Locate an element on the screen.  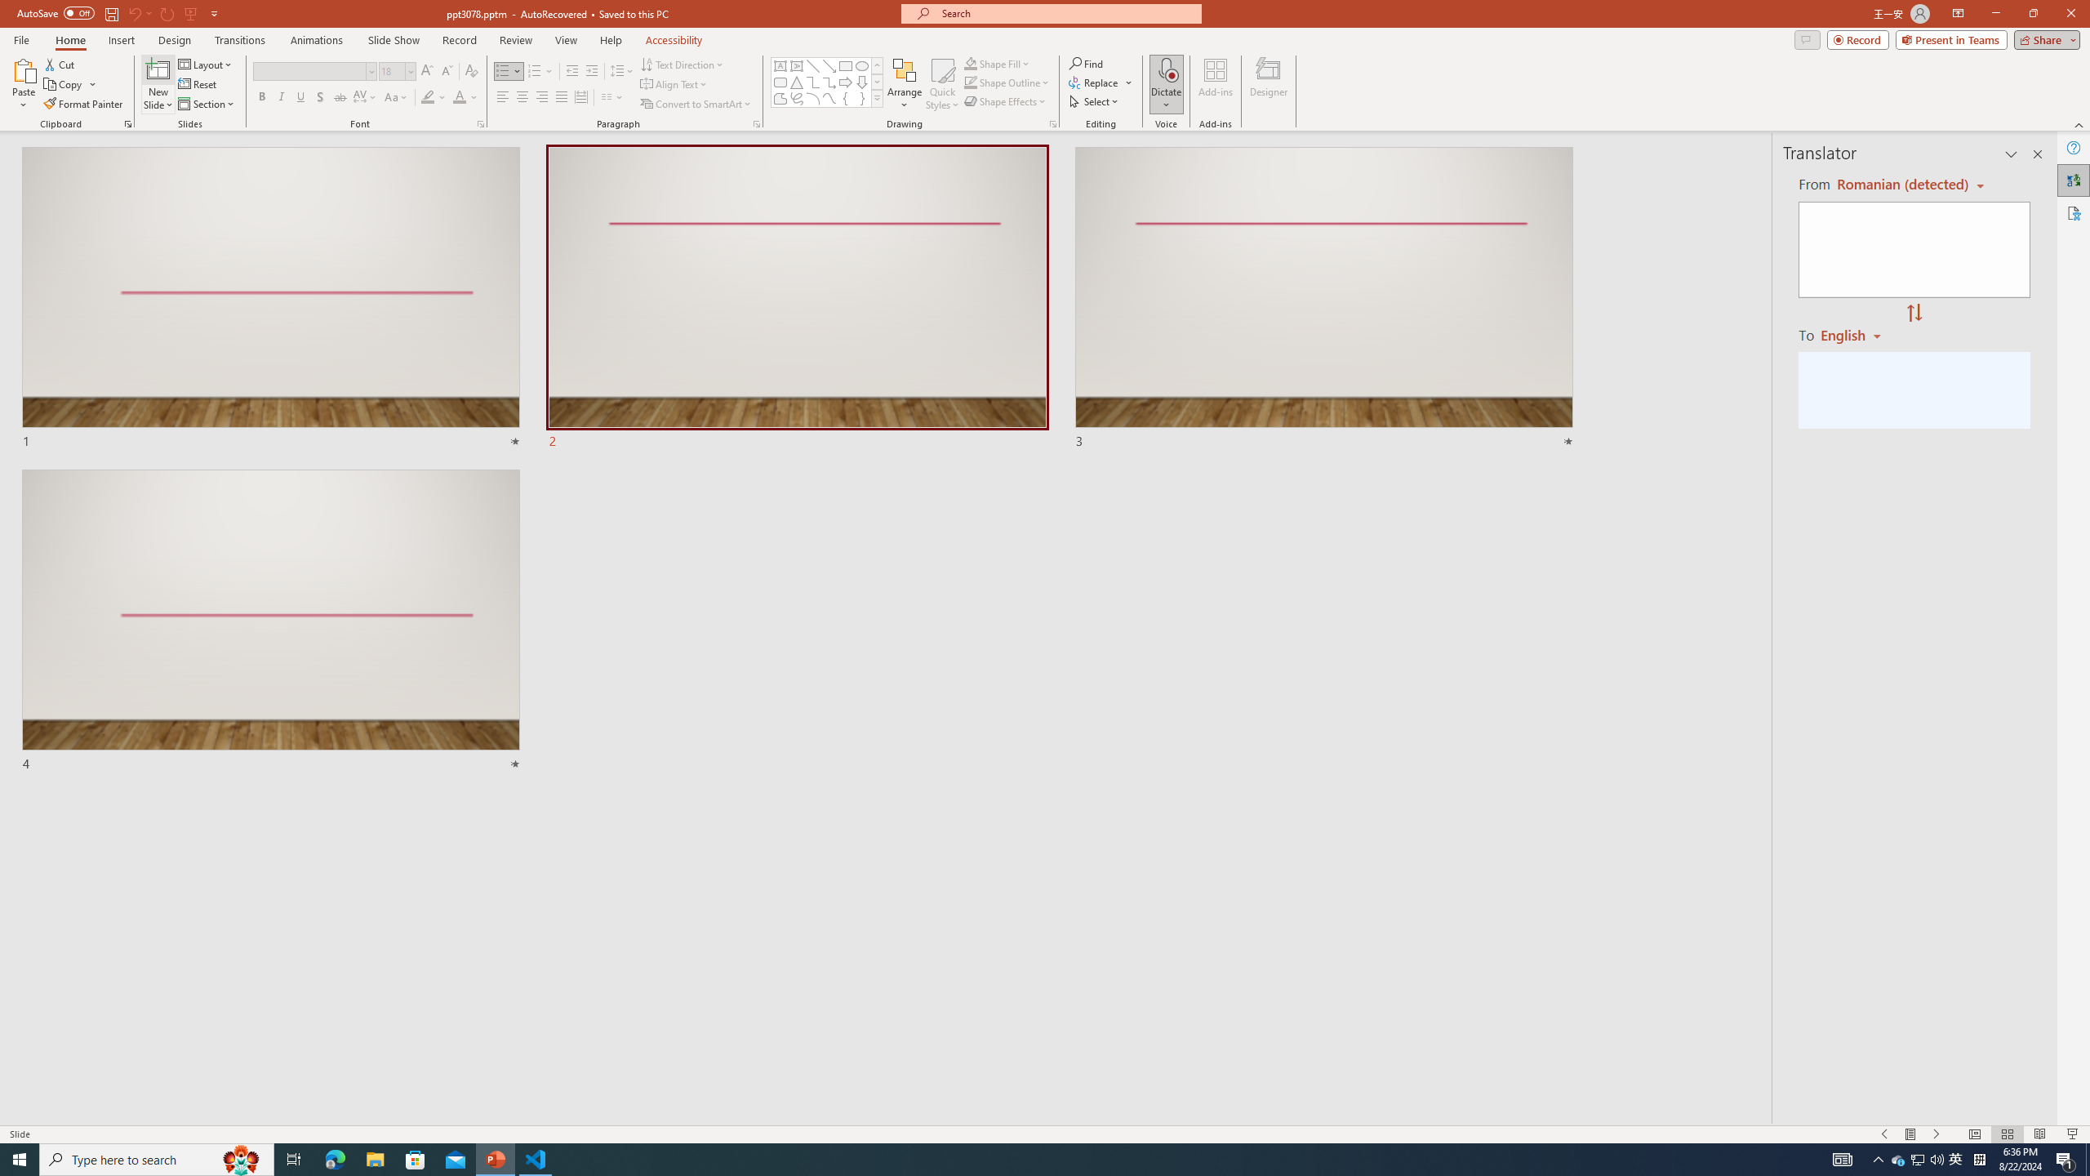
'Decrease Font Size' is located at coordinates (446, 71).